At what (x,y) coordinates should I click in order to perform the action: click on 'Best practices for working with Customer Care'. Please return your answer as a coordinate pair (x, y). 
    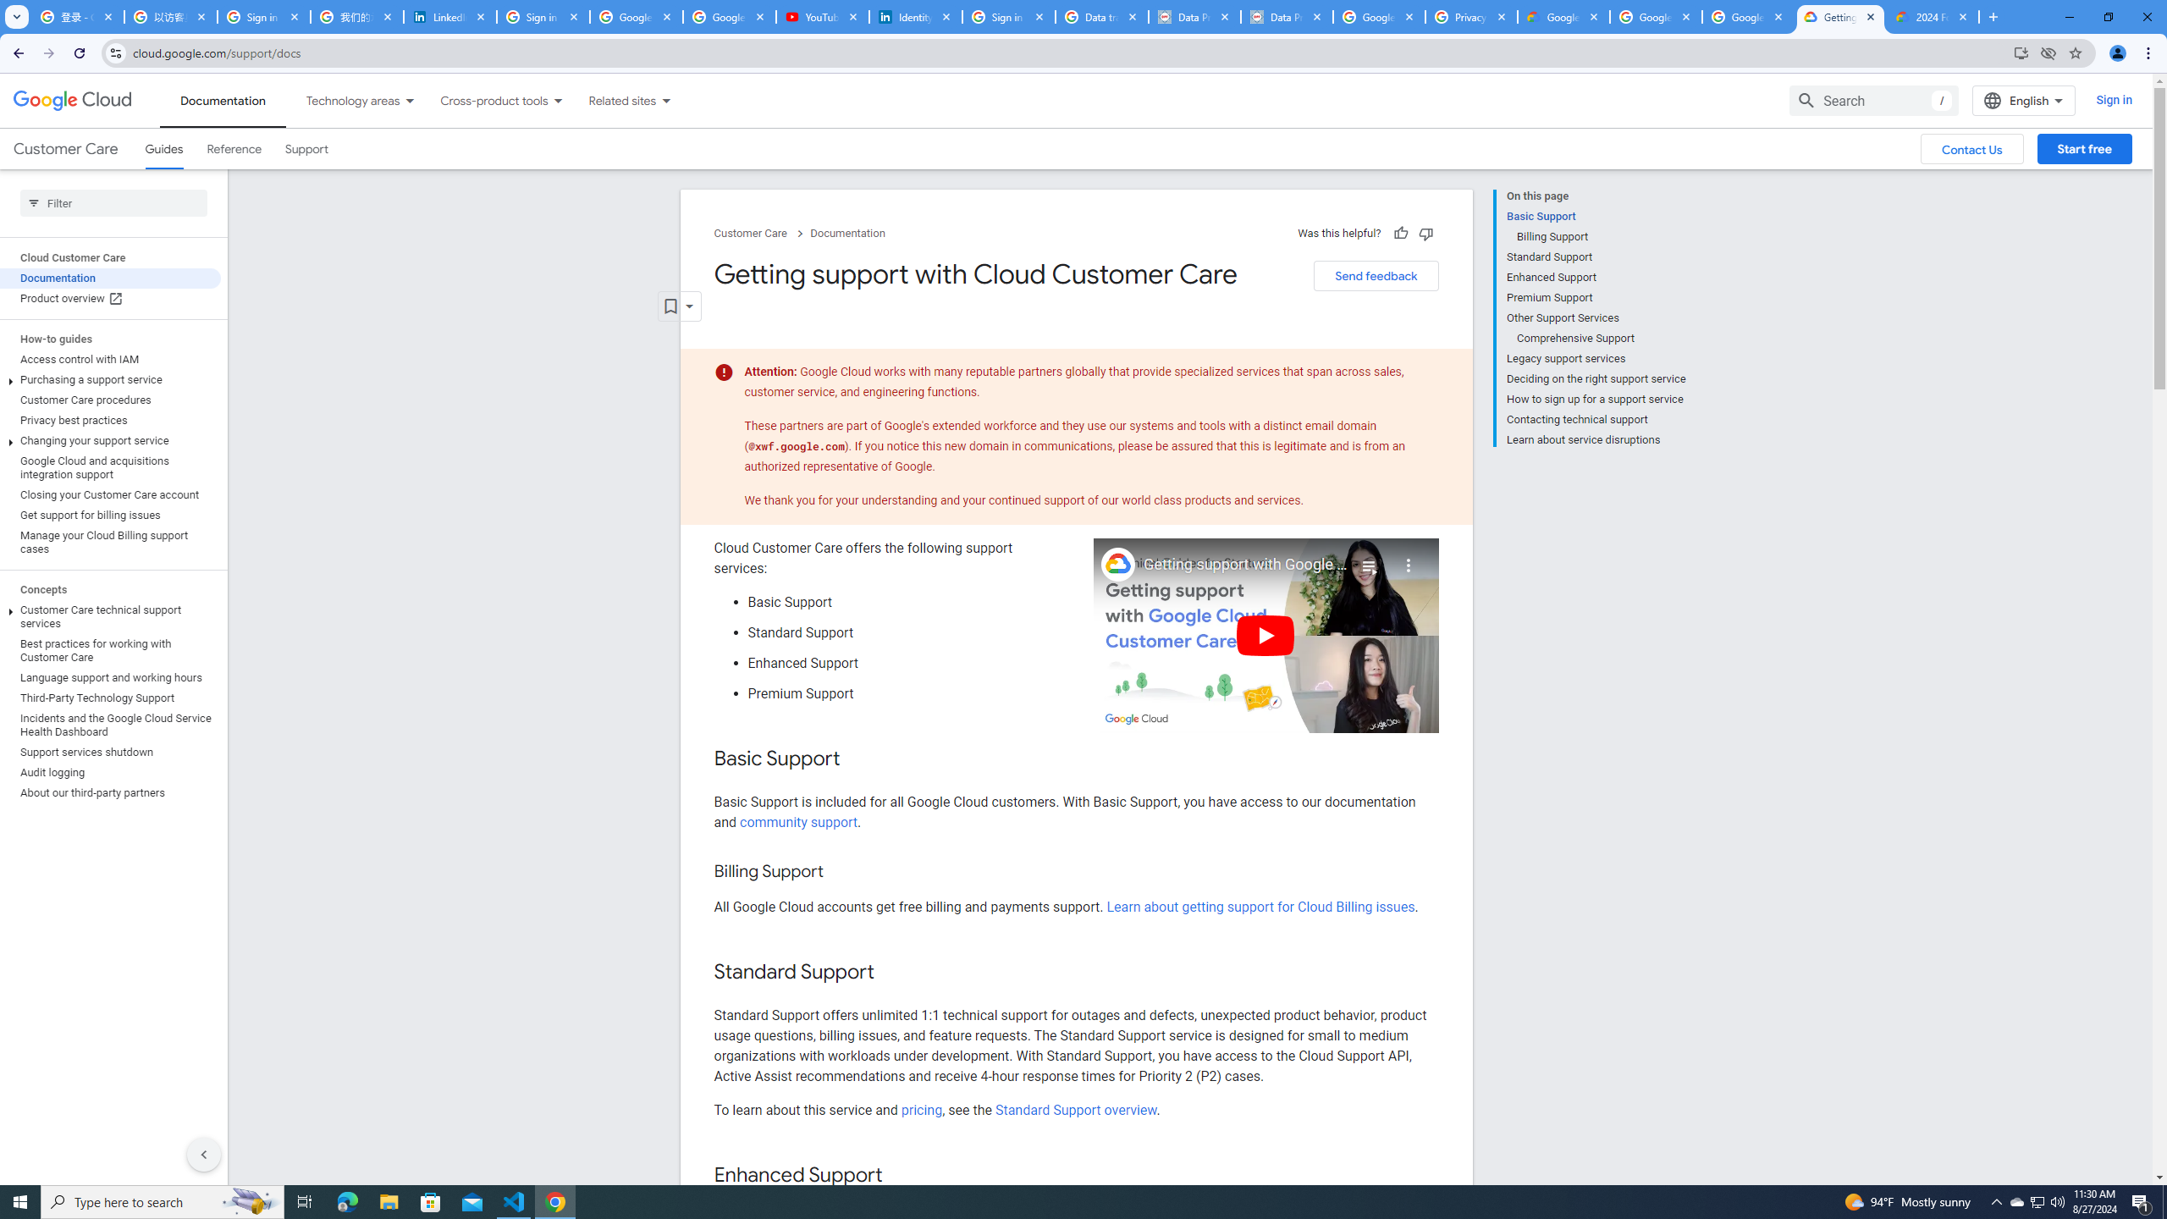
    Looking at the image, I should click on (110, 649).